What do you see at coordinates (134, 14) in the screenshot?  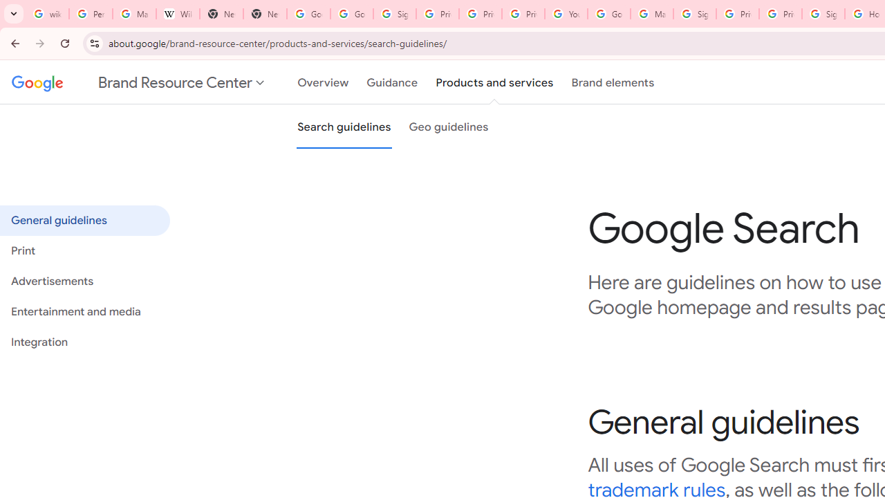 I see `'Manage your Location History - Google Search Help'` at bounding box center [134, 14].